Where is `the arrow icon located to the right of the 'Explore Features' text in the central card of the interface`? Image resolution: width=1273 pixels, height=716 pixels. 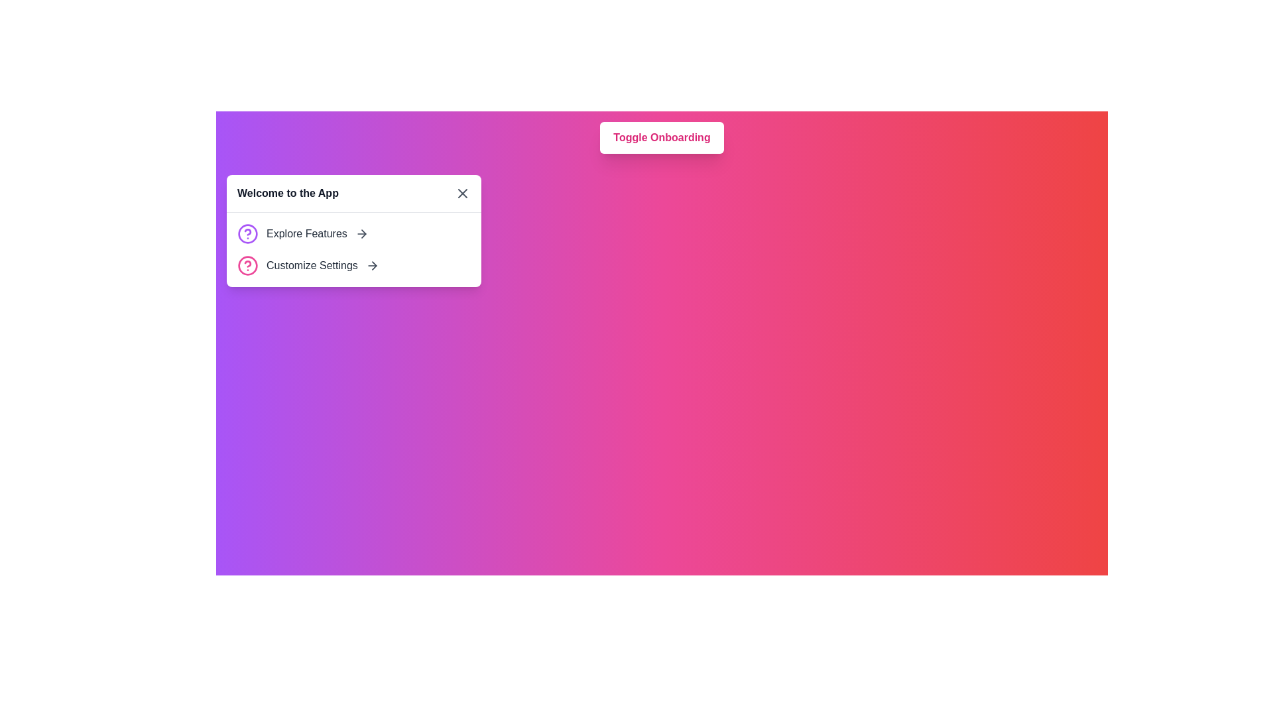 the arrow icon located to the right of the 'Explore Features' text in the central card of the interface is located at coordinates (361, 233).